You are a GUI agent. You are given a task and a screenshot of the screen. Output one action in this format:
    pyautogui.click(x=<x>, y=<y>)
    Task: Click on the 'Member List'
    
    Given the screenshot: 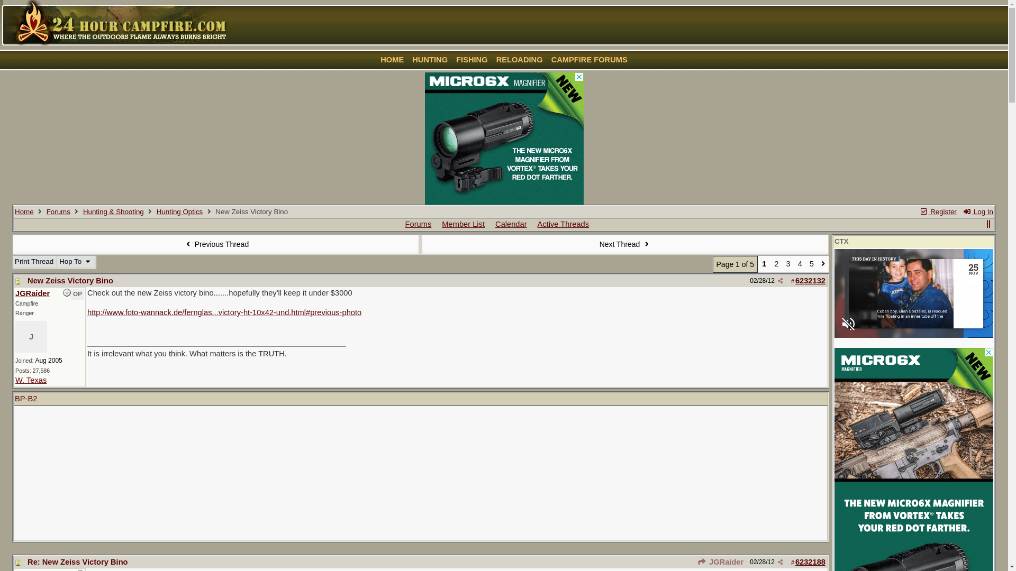 What is the action you would take?
    pyautogui.click(x=463, y=224)
    